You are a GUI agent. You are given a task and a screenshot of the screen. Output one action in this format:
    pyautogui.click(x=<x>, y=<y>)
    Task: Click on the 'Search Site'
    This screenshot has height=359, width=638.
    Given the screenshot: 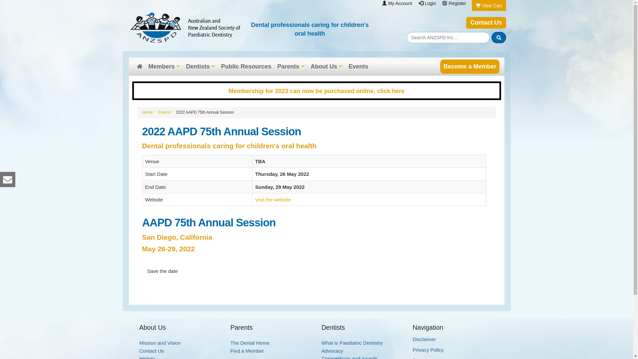 What is the action you would take?
    pyautogui.click(x=498, y=37)
    